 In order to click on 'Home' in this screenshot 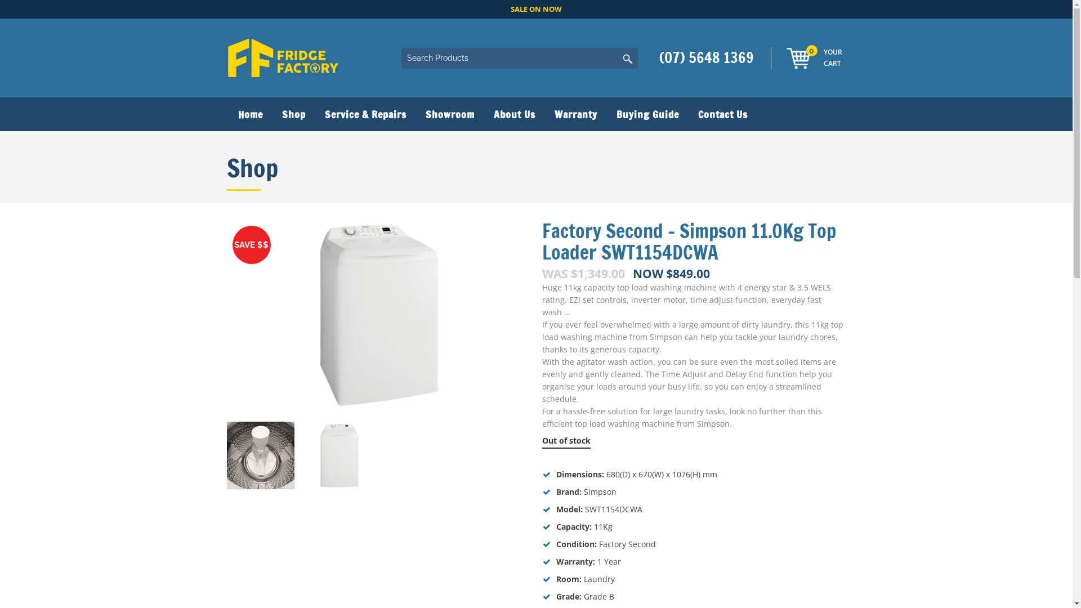, I will do `click(226, 114)`.